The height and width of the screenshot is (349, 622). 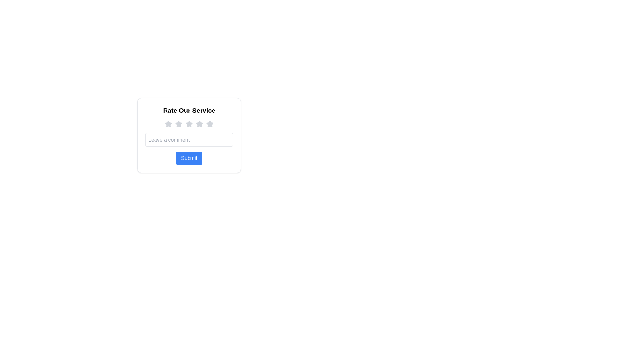 I want to click on the second star icon in the Rating section, so click(x=179, y=124).